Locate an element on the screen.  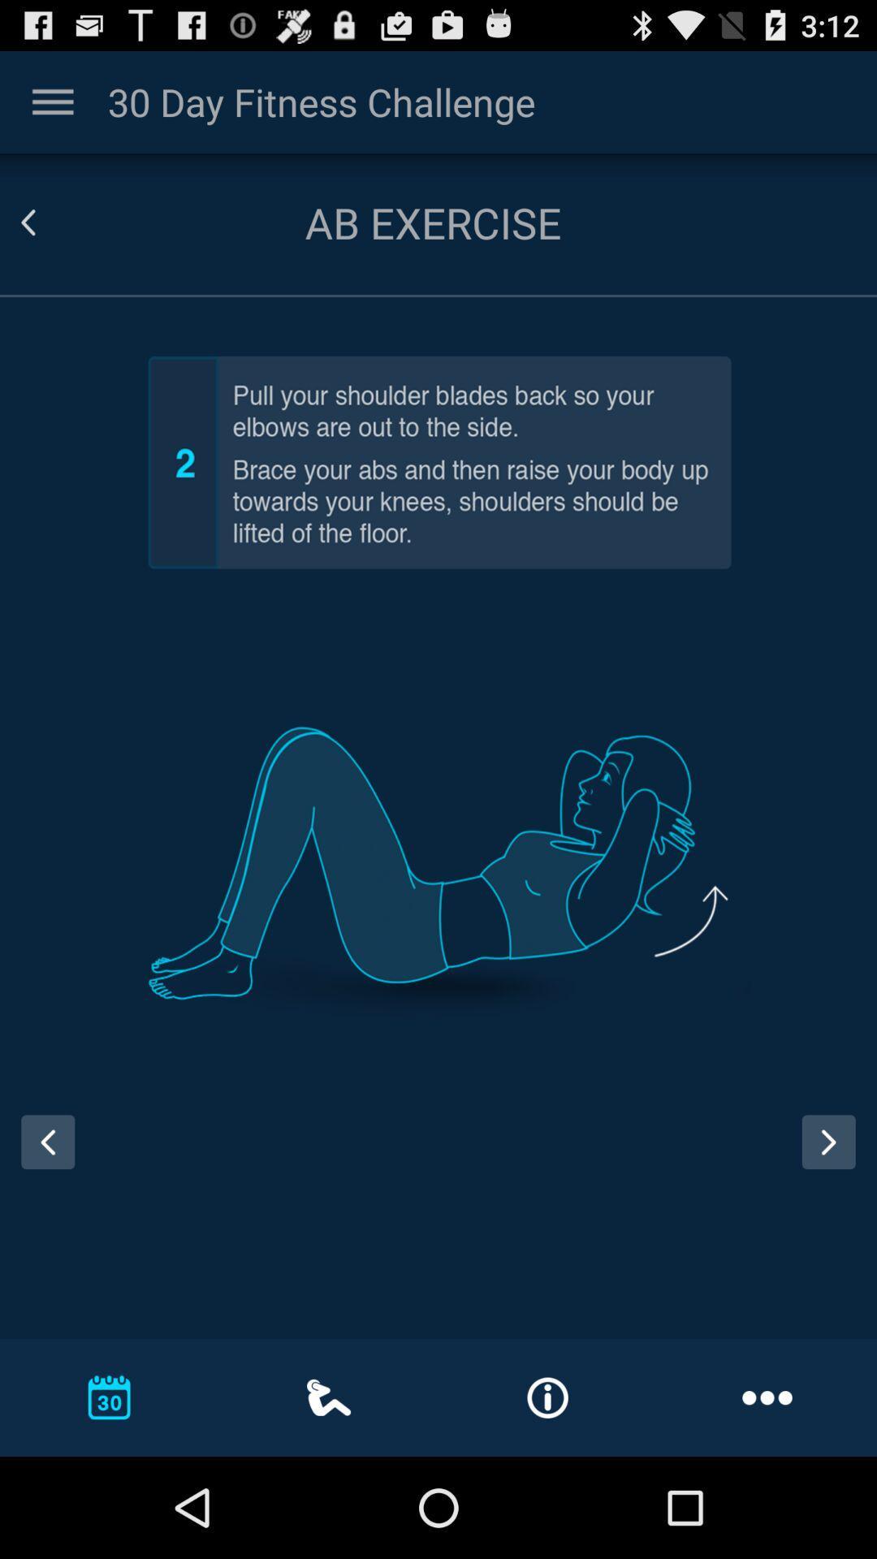
go next is located at coordinates (828, 1141).